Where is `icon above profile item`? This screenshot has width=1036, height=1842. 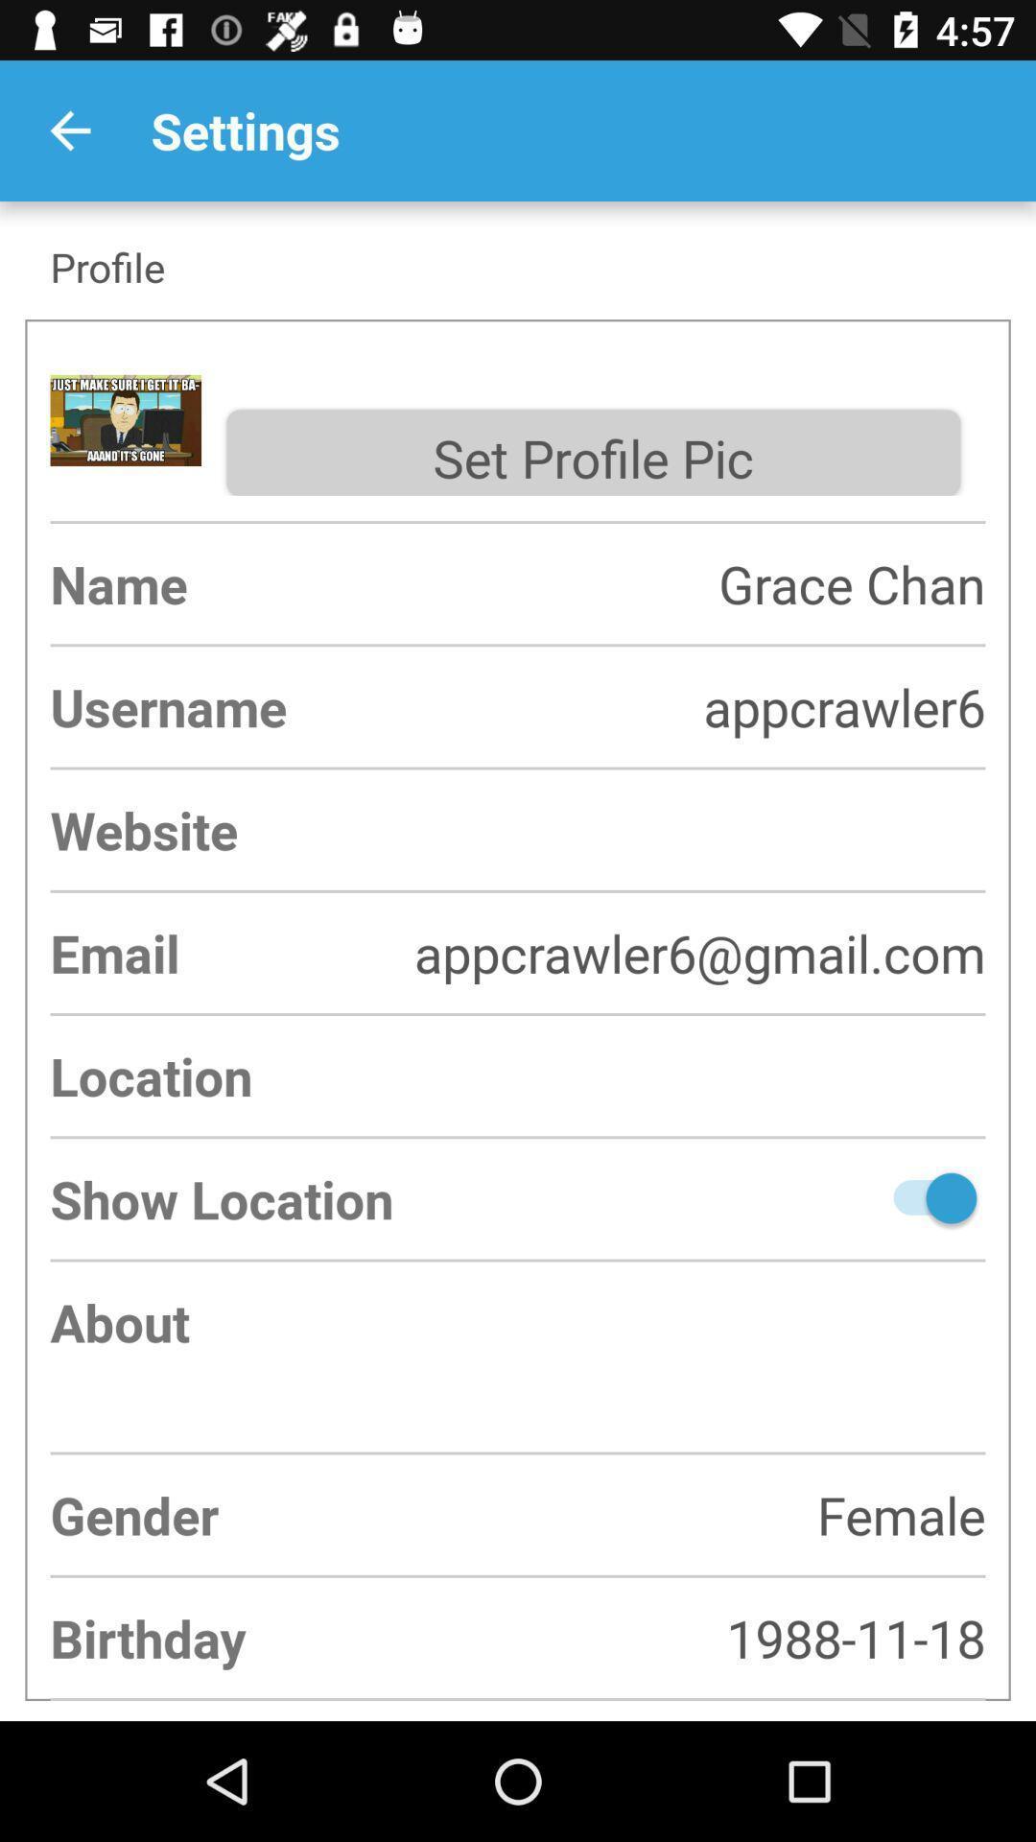
icon above profile item is located at coordinates (69, 130).